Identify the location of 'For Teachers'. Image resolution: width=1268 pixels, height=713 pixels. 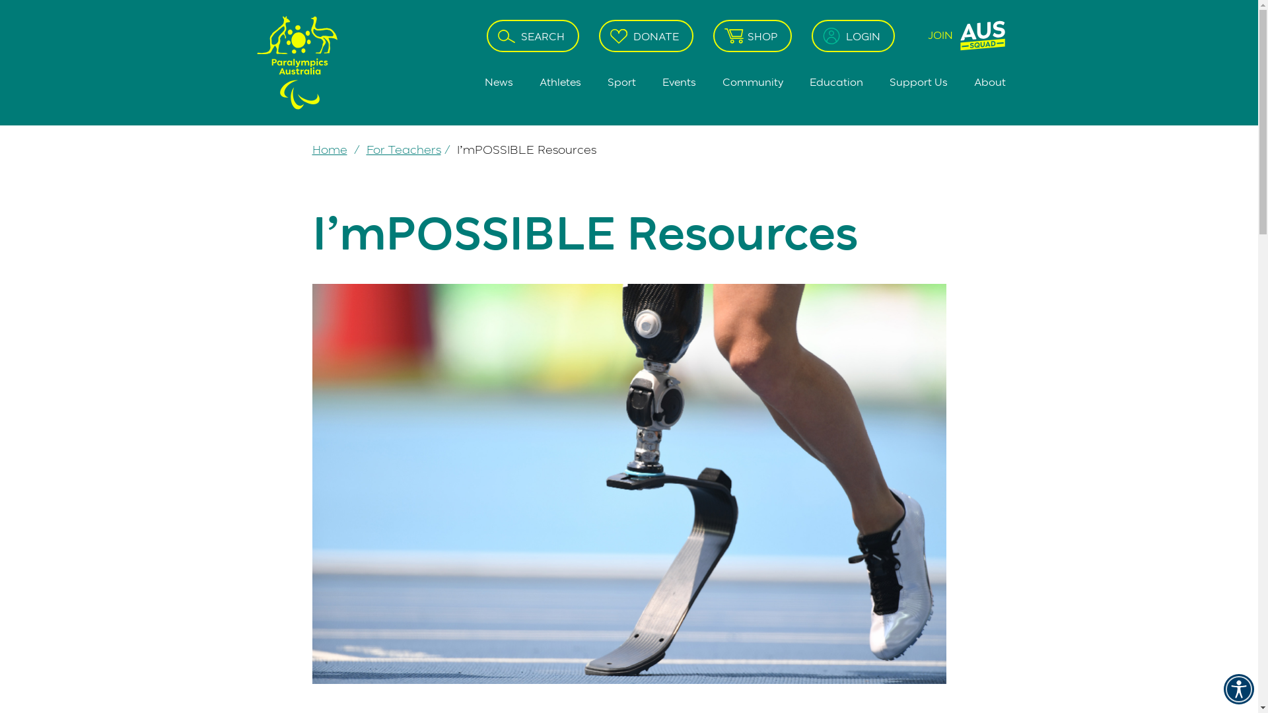
(365, 149).